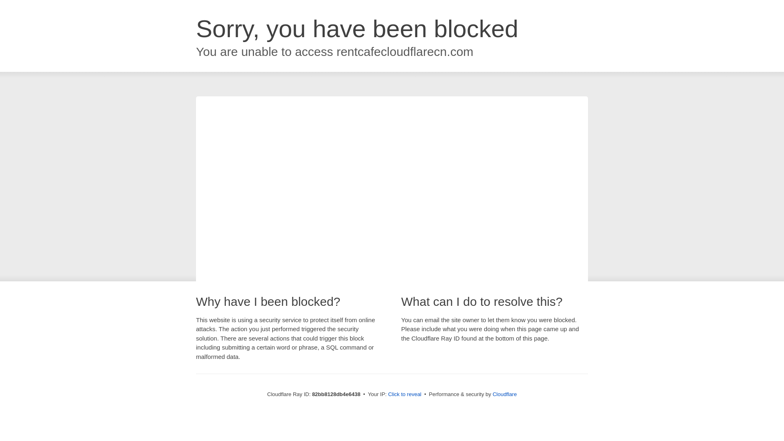  What do you see at coordinates (504, 394) in the screenshot?
I see `'Cloudflare'` at bounding box center [504, 394].